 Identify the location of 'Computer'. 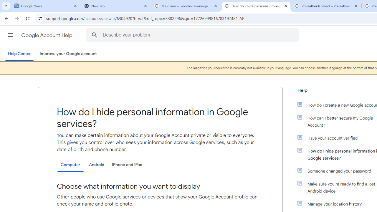
(70, 165).